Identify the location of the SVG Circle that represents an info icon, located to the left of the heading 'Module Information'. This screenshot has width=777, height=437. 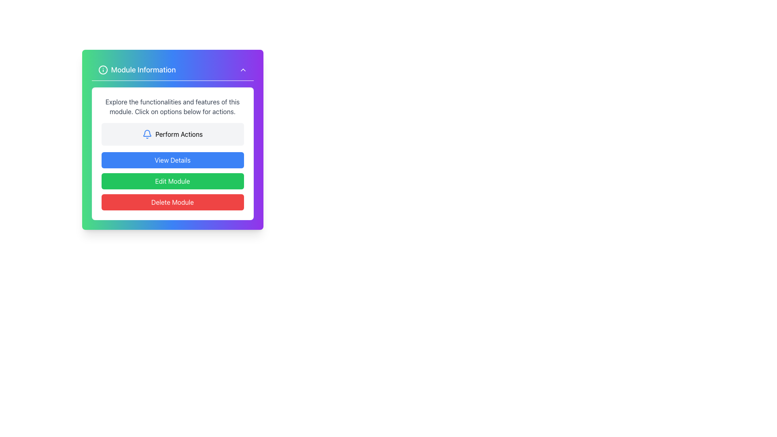
(102, 70).